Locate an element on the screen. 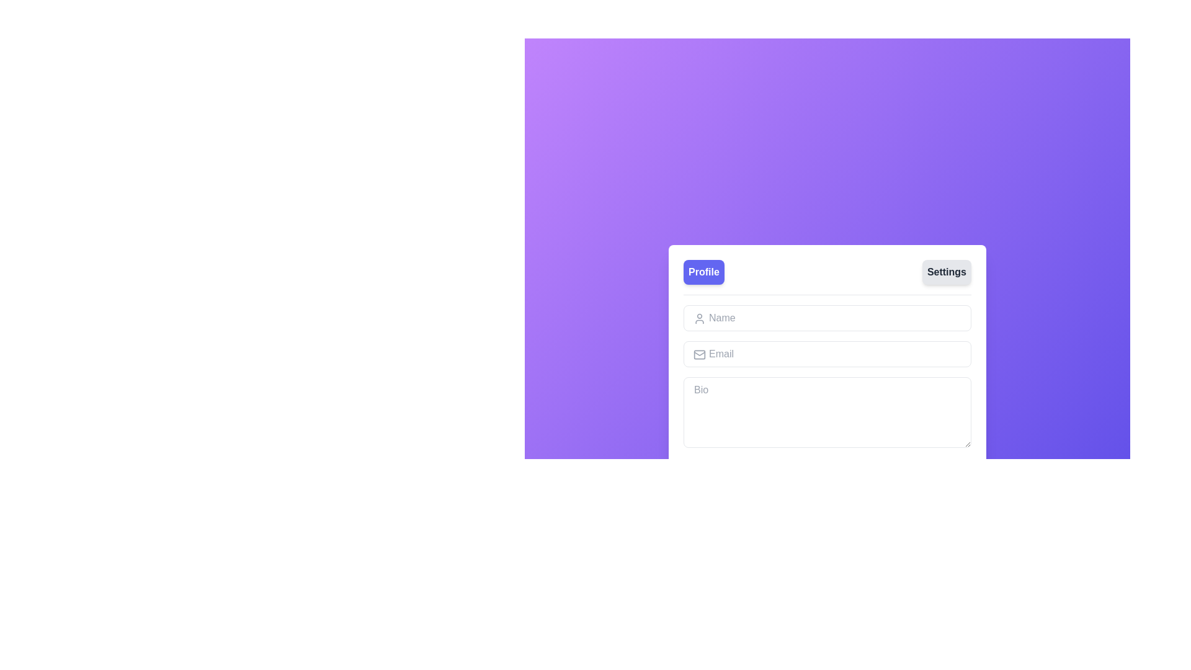 This screenshot has height=670, width=1191. the SVG icon resembling a user silhouette positioned in the left portion of the input box labeled 'Name' is located at coordinates (700, 318).